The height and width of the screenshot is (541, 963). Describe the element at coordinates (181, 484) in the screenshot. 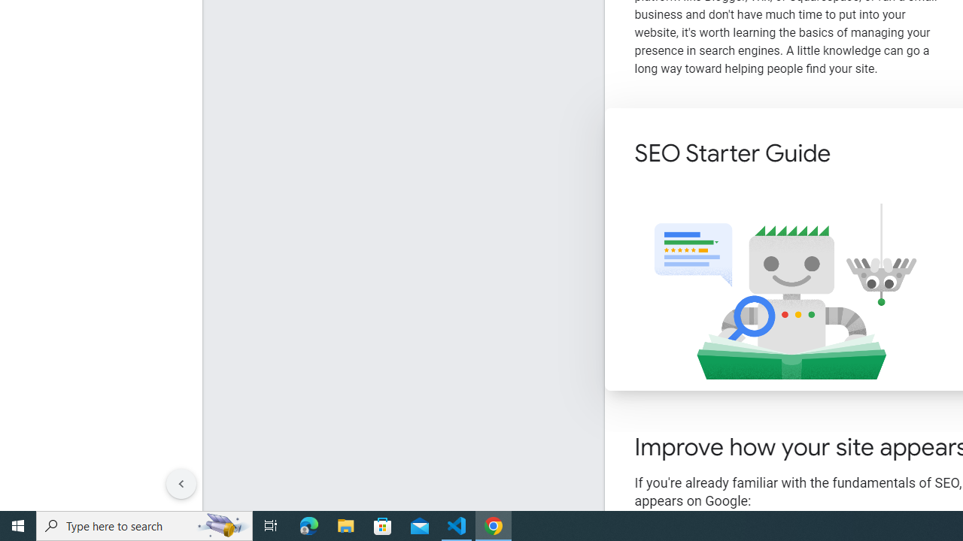

I see `'Hide side navigation'` at that location.